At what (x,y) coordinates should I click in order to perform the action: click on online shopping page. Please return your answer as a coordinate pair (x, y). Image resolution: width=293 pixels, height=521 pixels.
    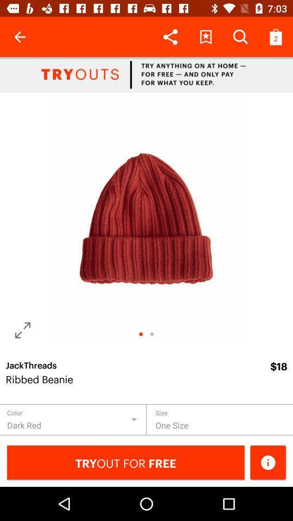
    Looking at the image, I should click on (146, 74).